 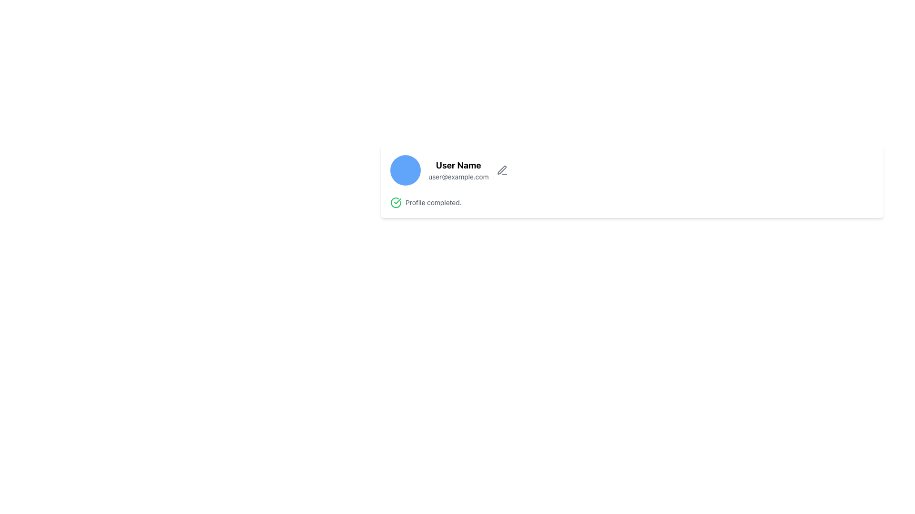 I want to click on the text label that reads 'Profile completed.' which is styled in gray and positioned to the right of a green checkmark icon in the lower-left area of the user profile information card, so click(x=433, y=202).